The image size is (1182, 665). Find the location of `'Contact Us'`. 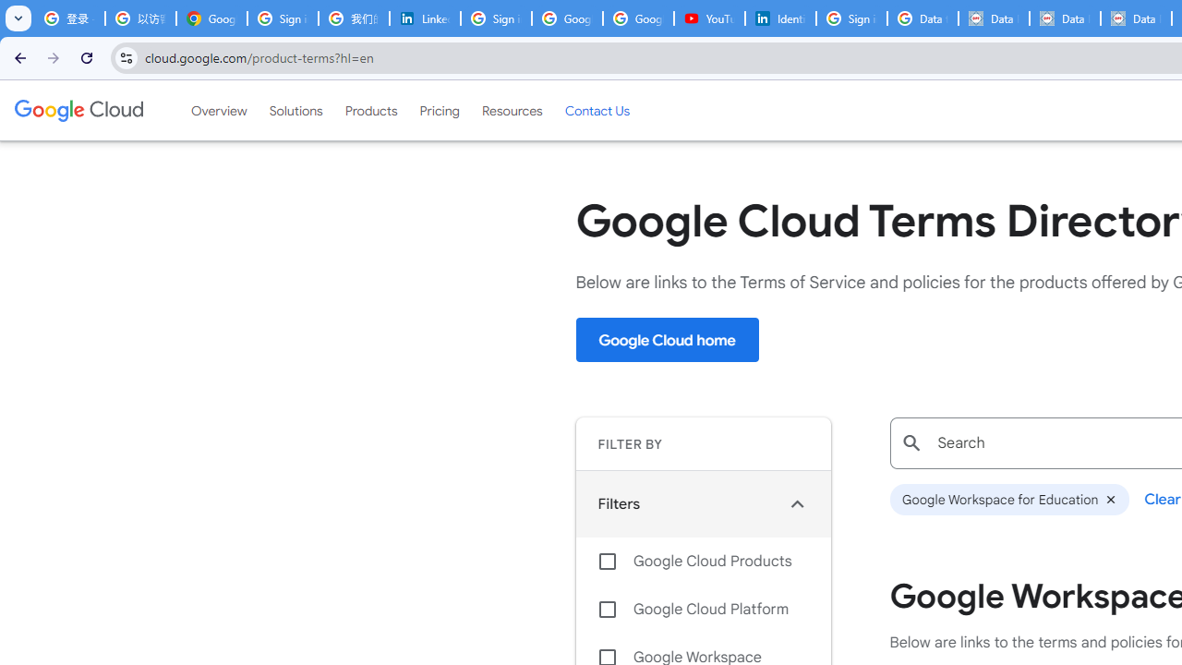

'Contact Us' is located at coordinates (597, 110).